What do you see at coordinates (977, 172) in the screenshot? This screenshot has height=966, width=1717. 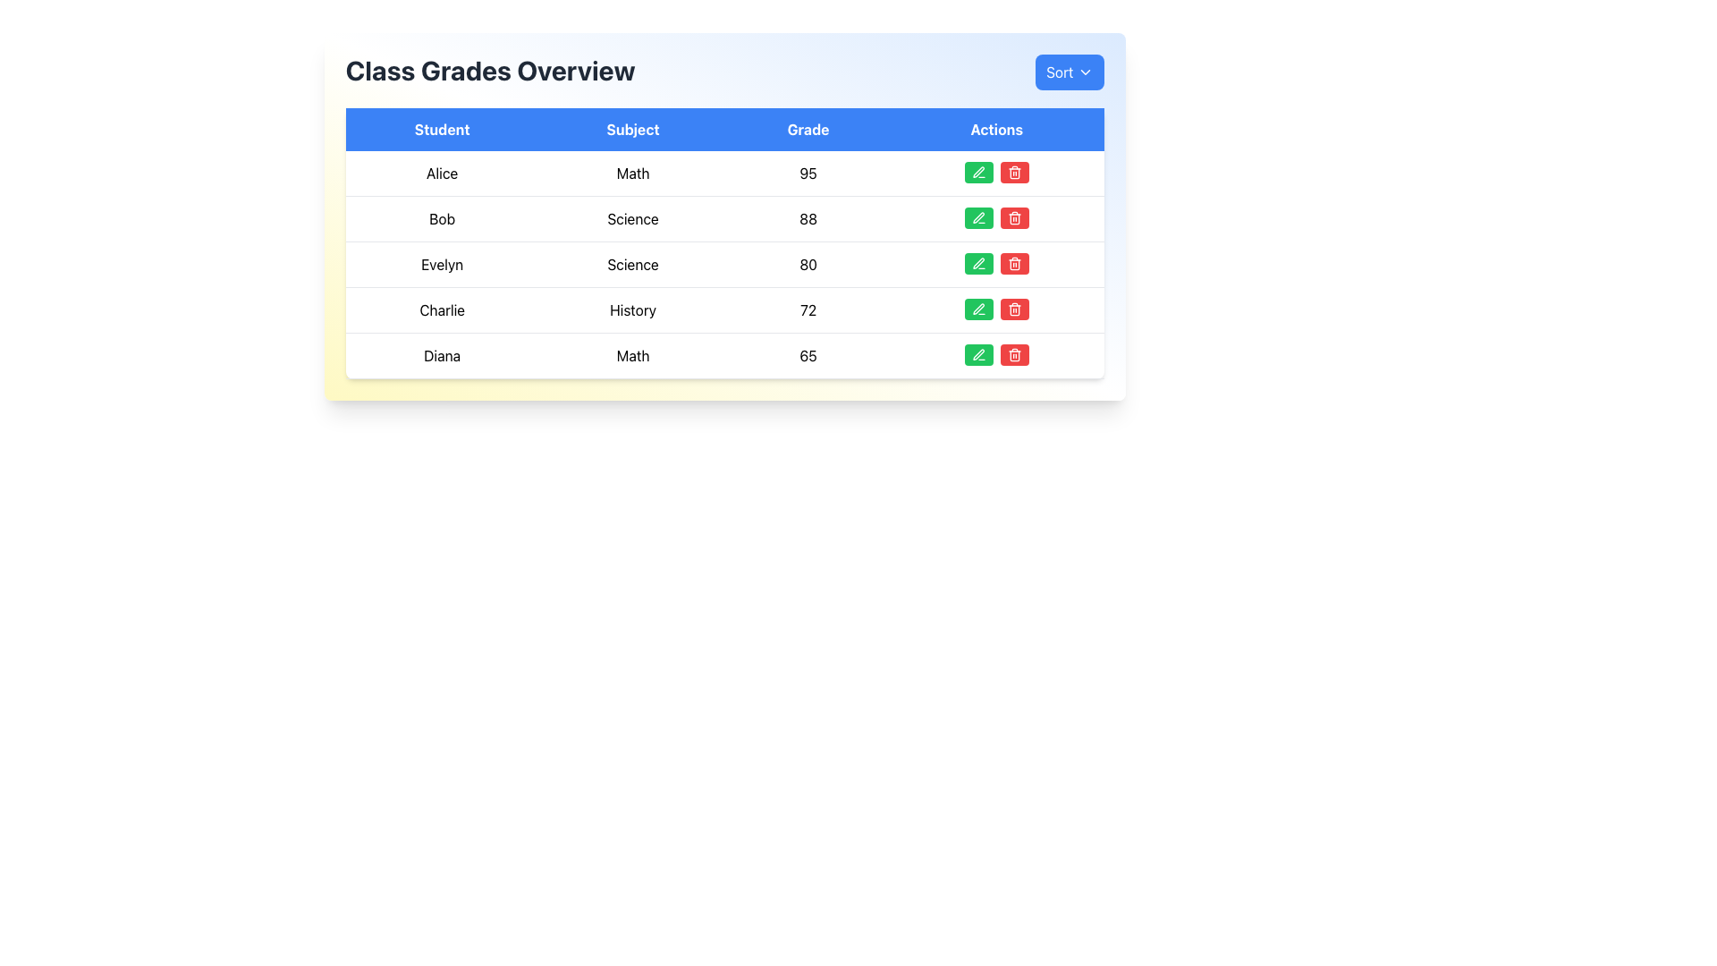 I see `the edit button located in the first row of the 'Actions' column in the table, which is positioned next to a red button with a trash can icon` at bounding box center [977, 172].